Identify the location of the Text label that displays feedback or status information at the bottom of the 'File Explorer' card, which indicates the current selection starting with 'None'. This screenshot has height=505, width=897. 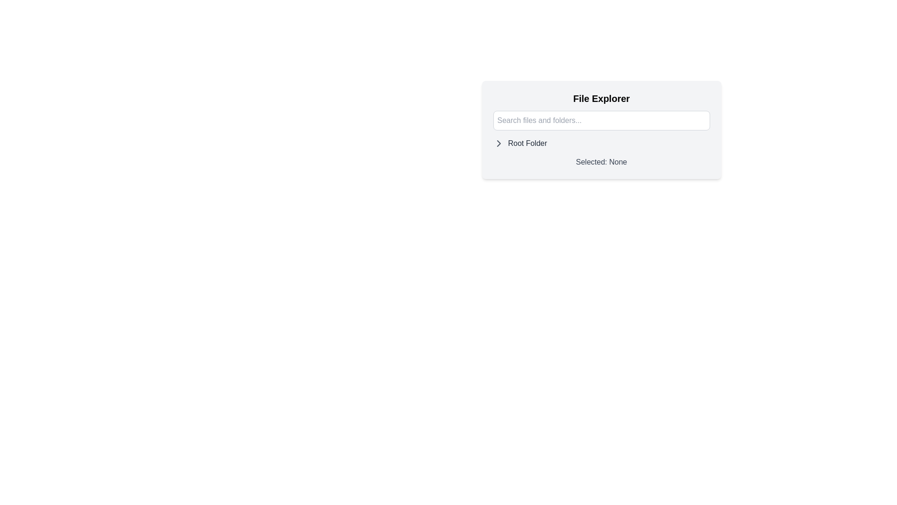
(601, 162).